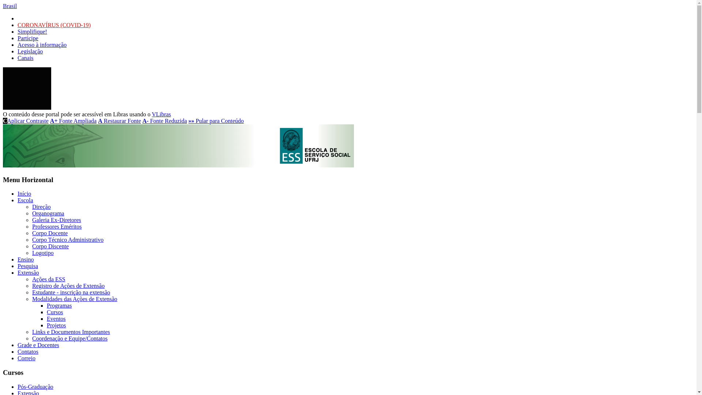  What do you see at coordinates (18, 358) in the screenshot?
I see `'Correio'` at bounding box center [18, 358].